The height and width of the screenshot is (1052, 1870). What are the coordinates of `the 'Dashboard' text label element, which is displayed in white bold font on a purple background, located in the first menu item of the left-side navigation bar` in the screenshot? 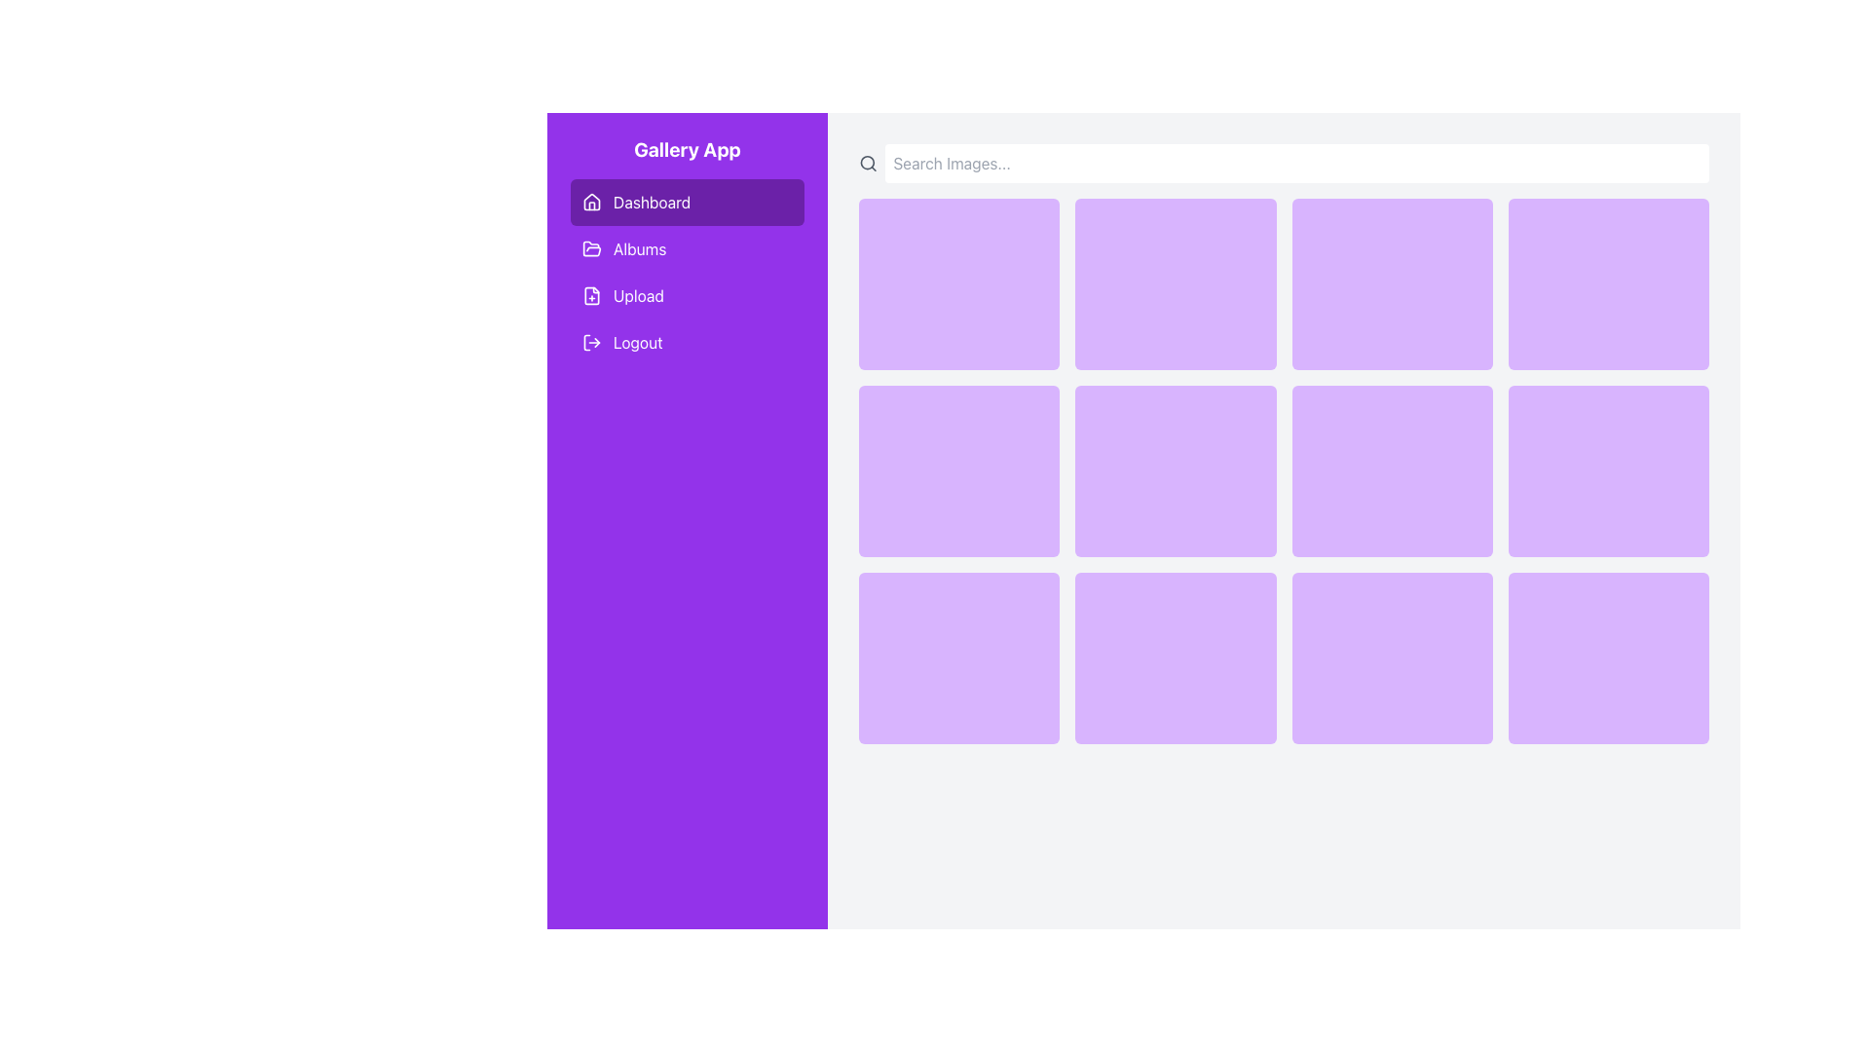 It's located at (652, 203).